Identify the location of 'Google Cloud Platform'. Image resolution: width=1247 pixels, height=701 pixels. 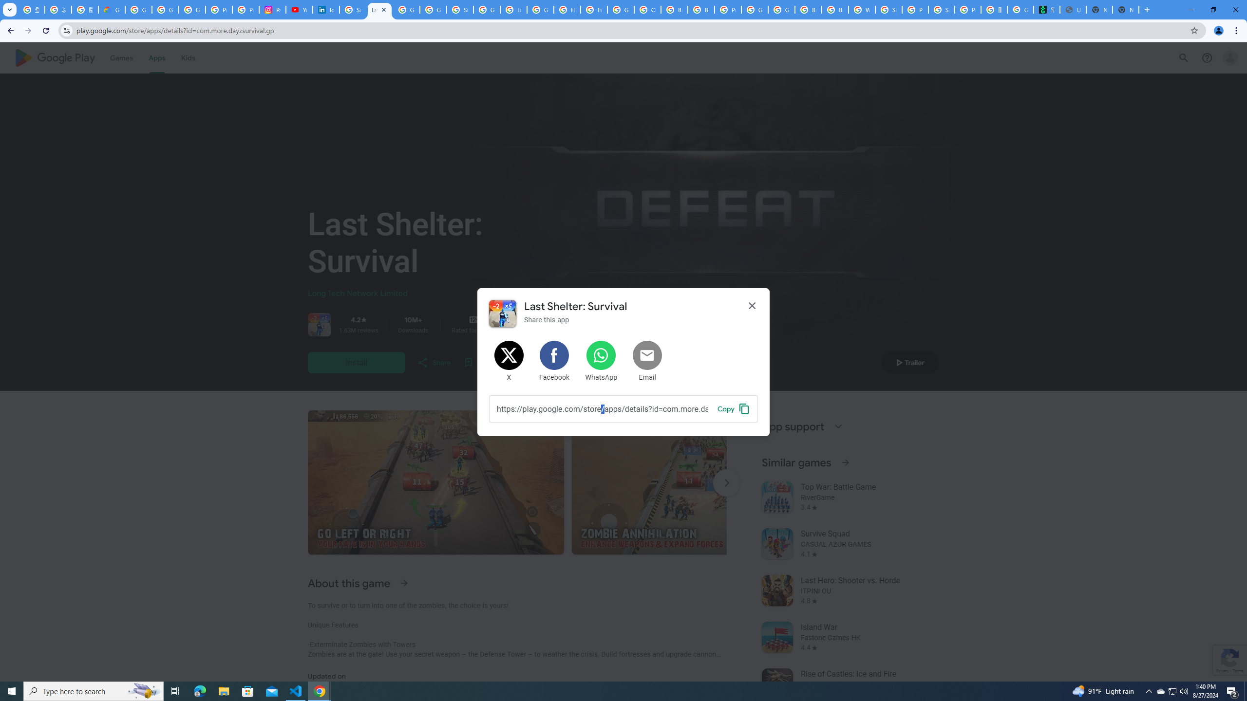
(780, 9).